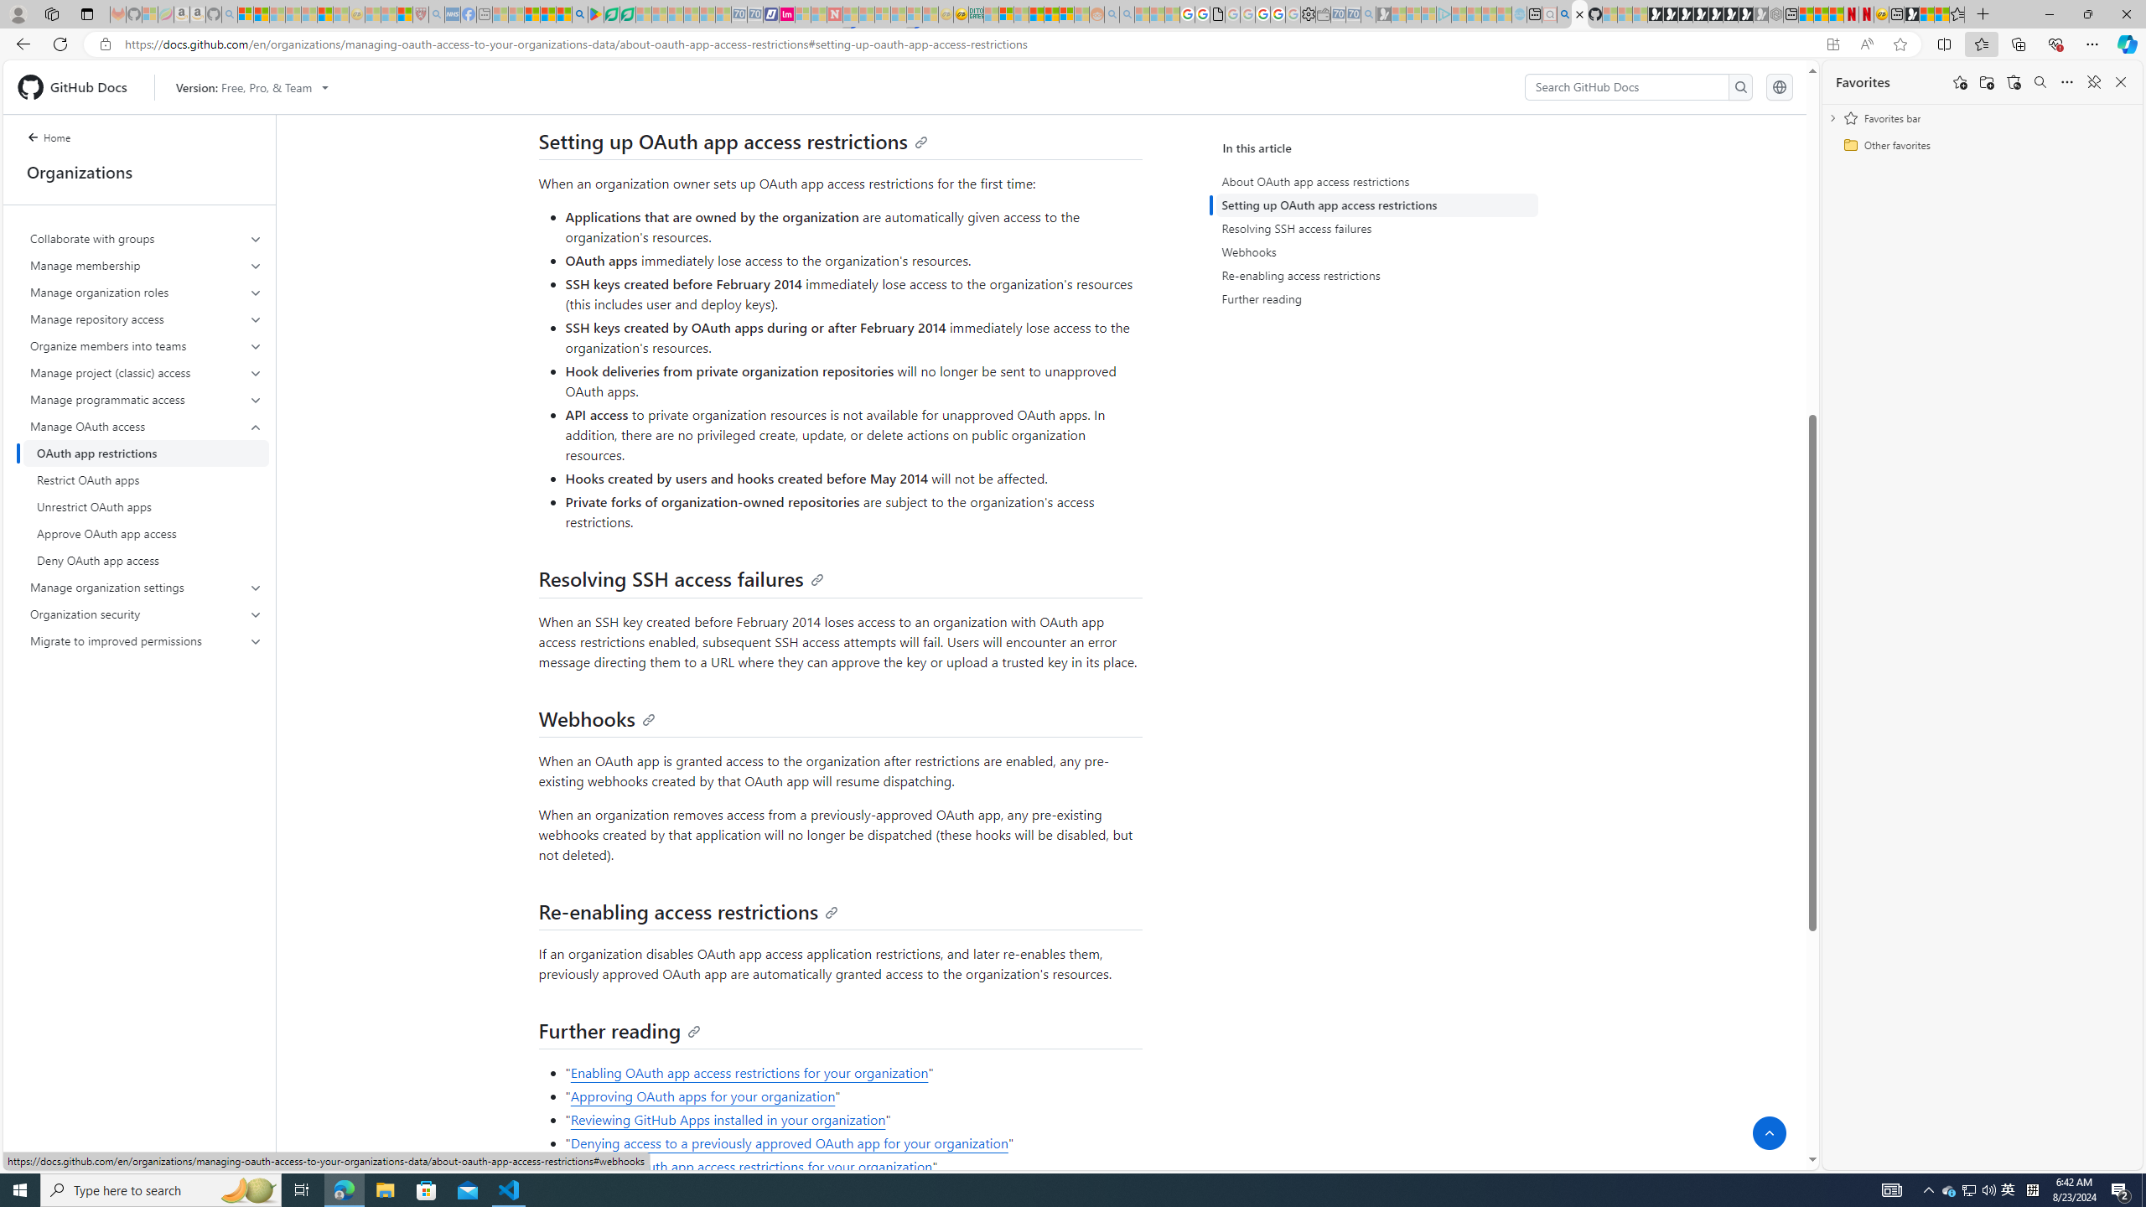 Image resolution: width=2146 pixels, height=1207 pixels. Describe the element at coordinates (1780, 86) in the screenshot. I see `'Select language: current language is English'` at that location.